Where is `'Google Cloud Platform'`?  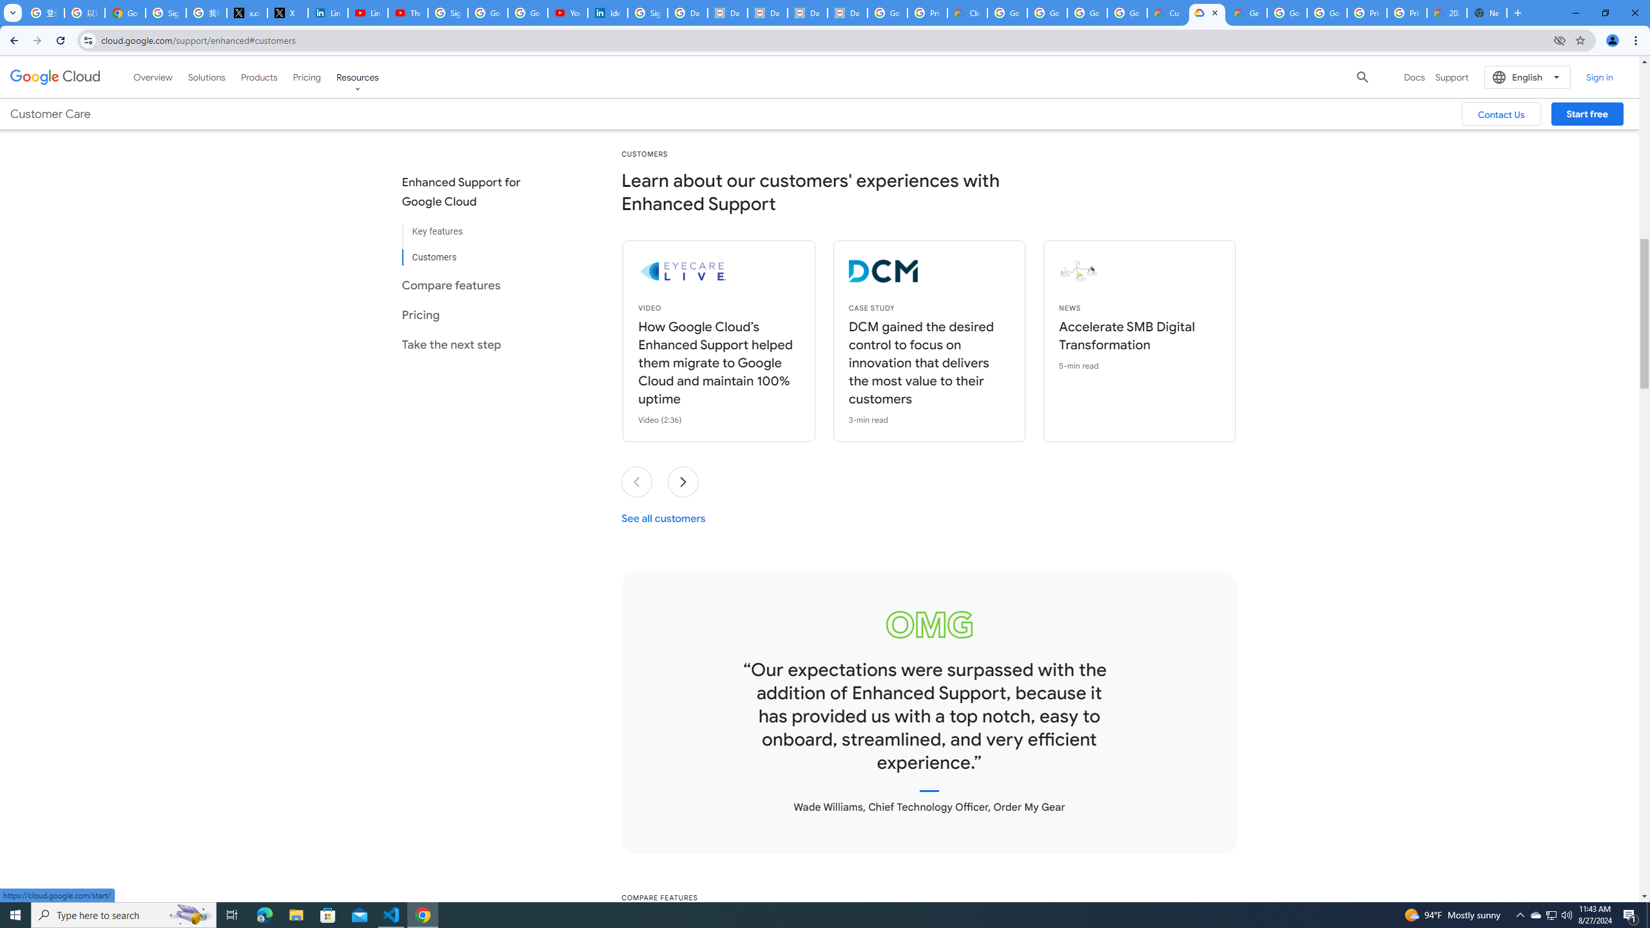
'Google Cloud Platform' is located at coordinates (1286, 12).